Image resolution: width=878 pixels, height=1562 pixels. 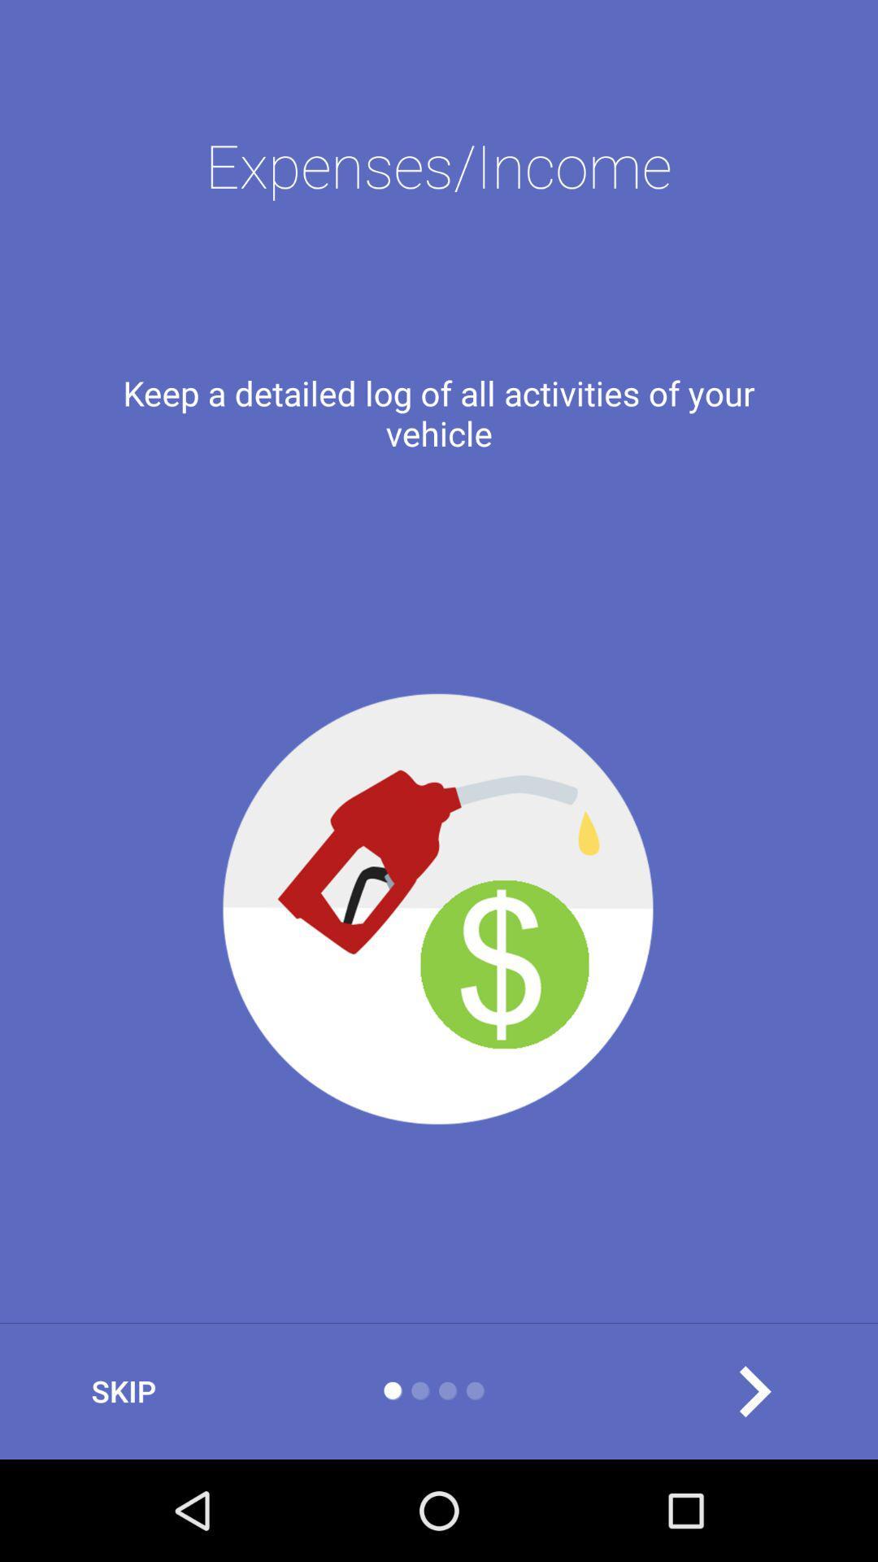 I want to click on the item at the bottom left corner, so click(x=123, y=1390).